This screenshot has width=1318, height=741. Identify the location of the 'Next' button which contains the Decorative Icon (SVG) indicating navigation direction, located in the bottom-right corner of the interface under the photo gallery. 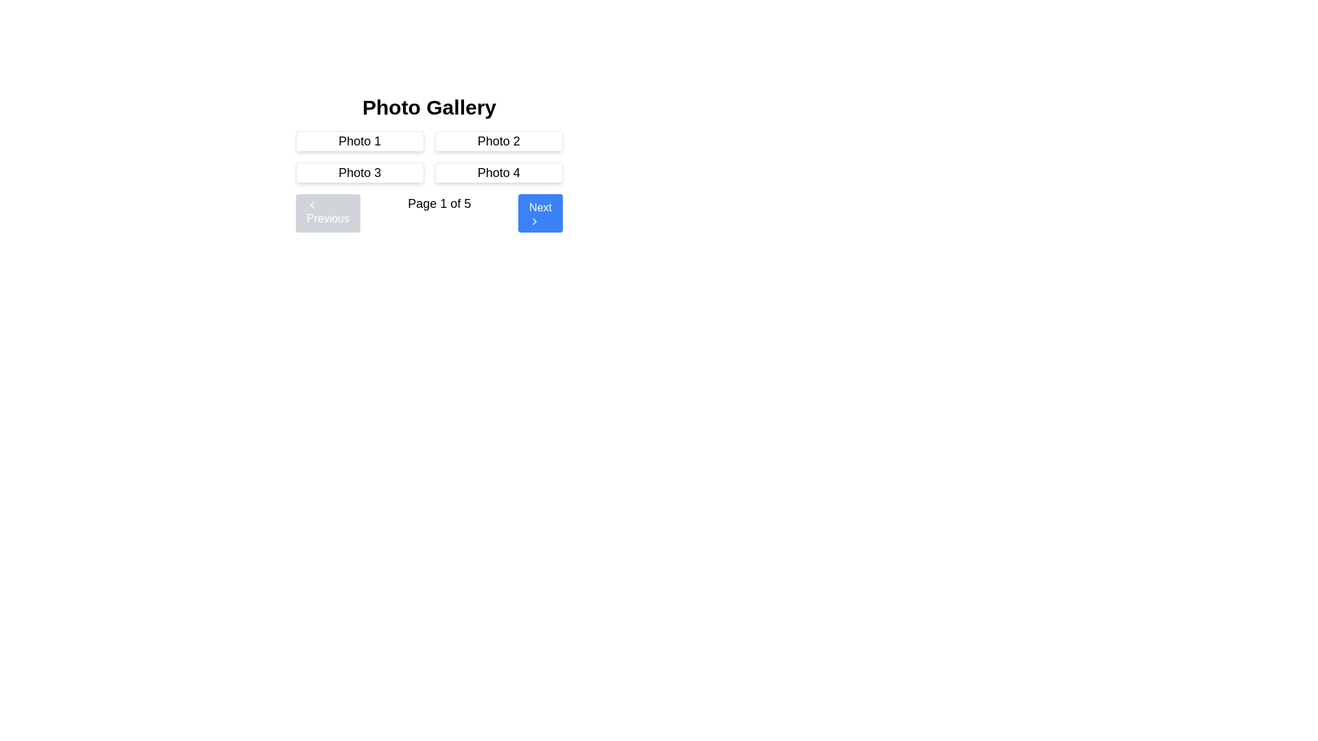
(534, 221).